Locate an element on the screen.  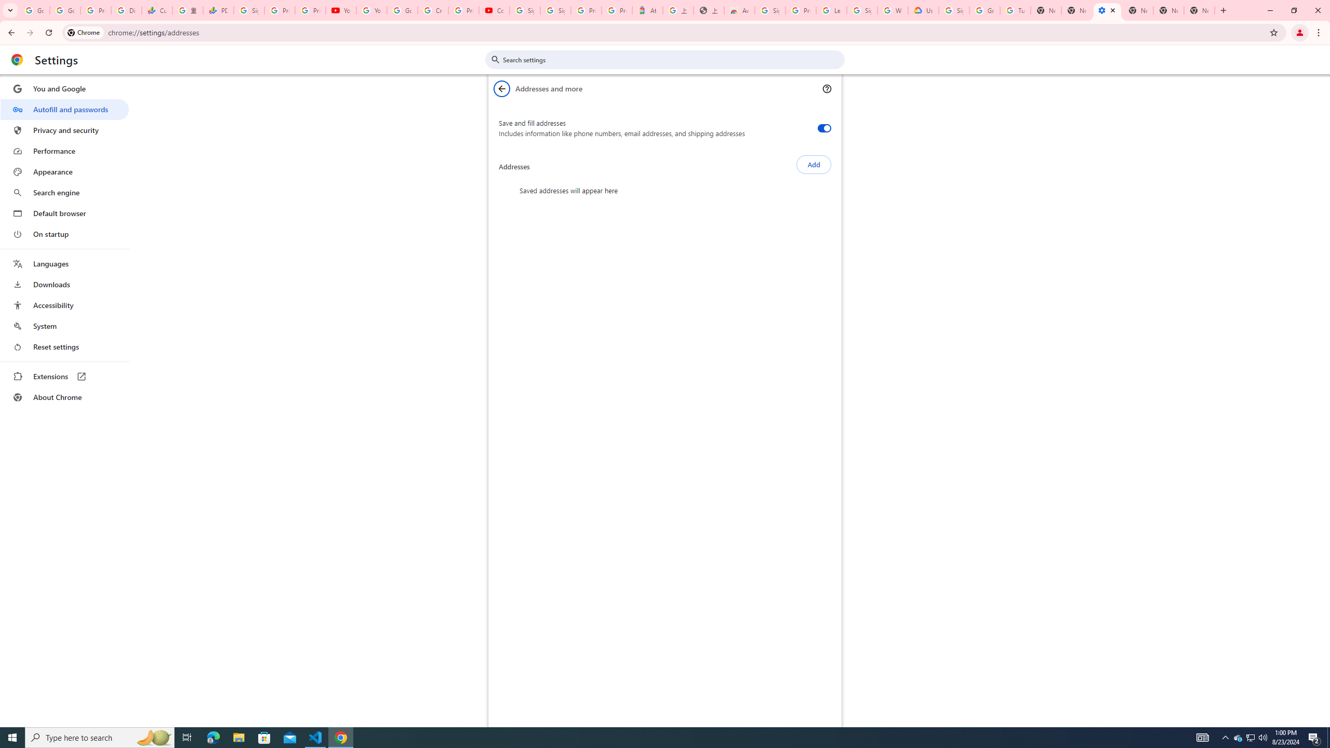
'Search settings' is located at coordinates (672, 59).